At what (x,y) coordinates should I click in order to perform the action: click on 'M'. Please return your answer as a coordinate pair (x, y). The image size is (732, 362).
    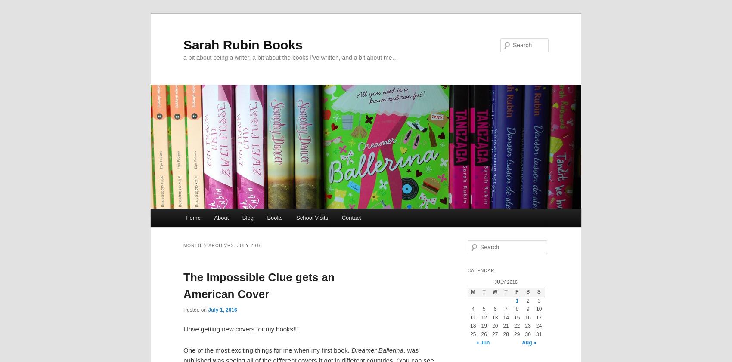
    Looking at the image, I should click on (473, 291).